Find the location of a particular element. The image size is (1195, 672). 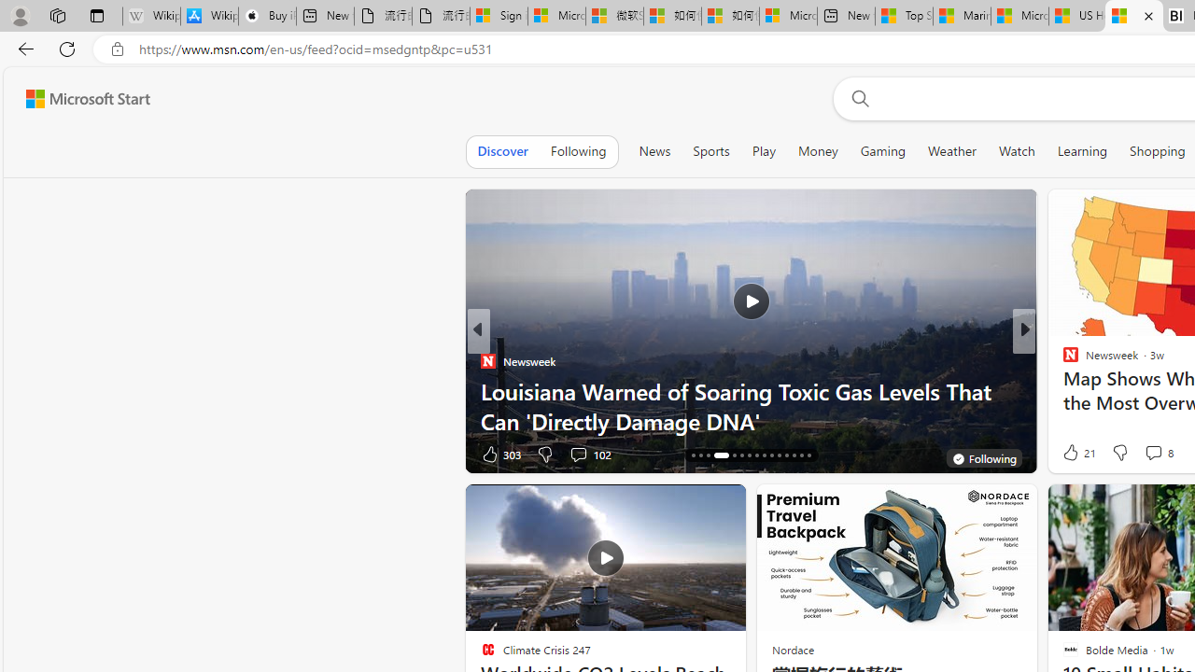

'Like' is located at coordinates (1064, 454).